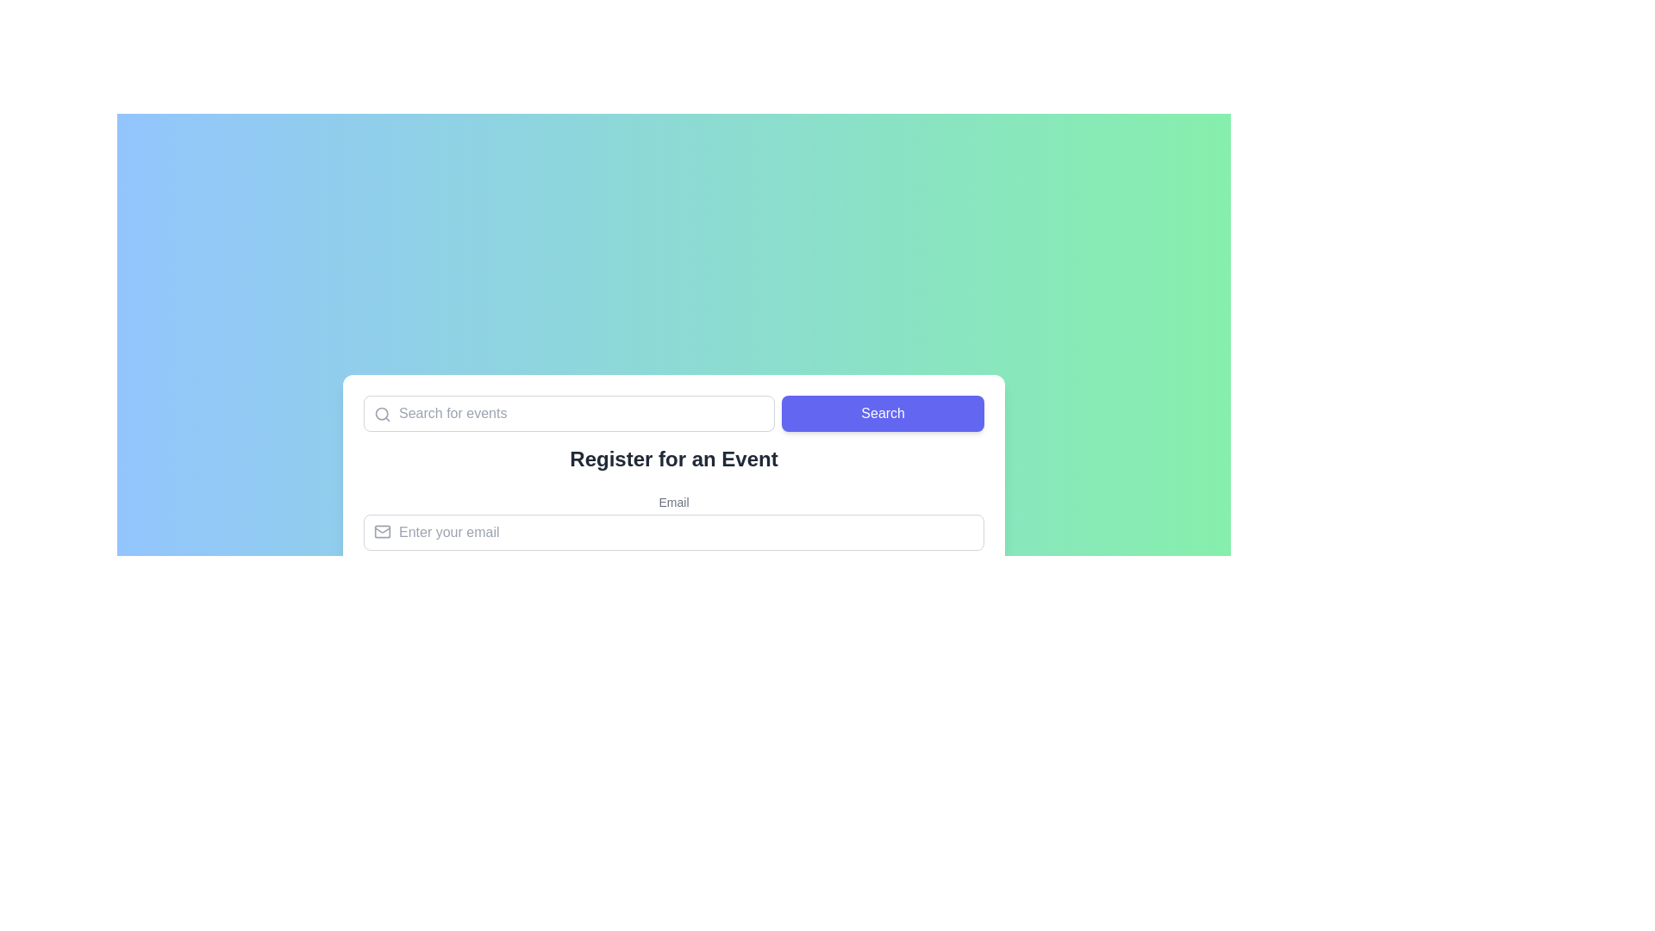 Image resolution: width=1655 pixels, height=931 pixels. Describe the element at coordinates (382, 531) in the screenshot. I see `the decorative icon that visually indicates the purpose of the adjacent email input field, which is positioned to the left of the 'Enter your email' input field` at that location.